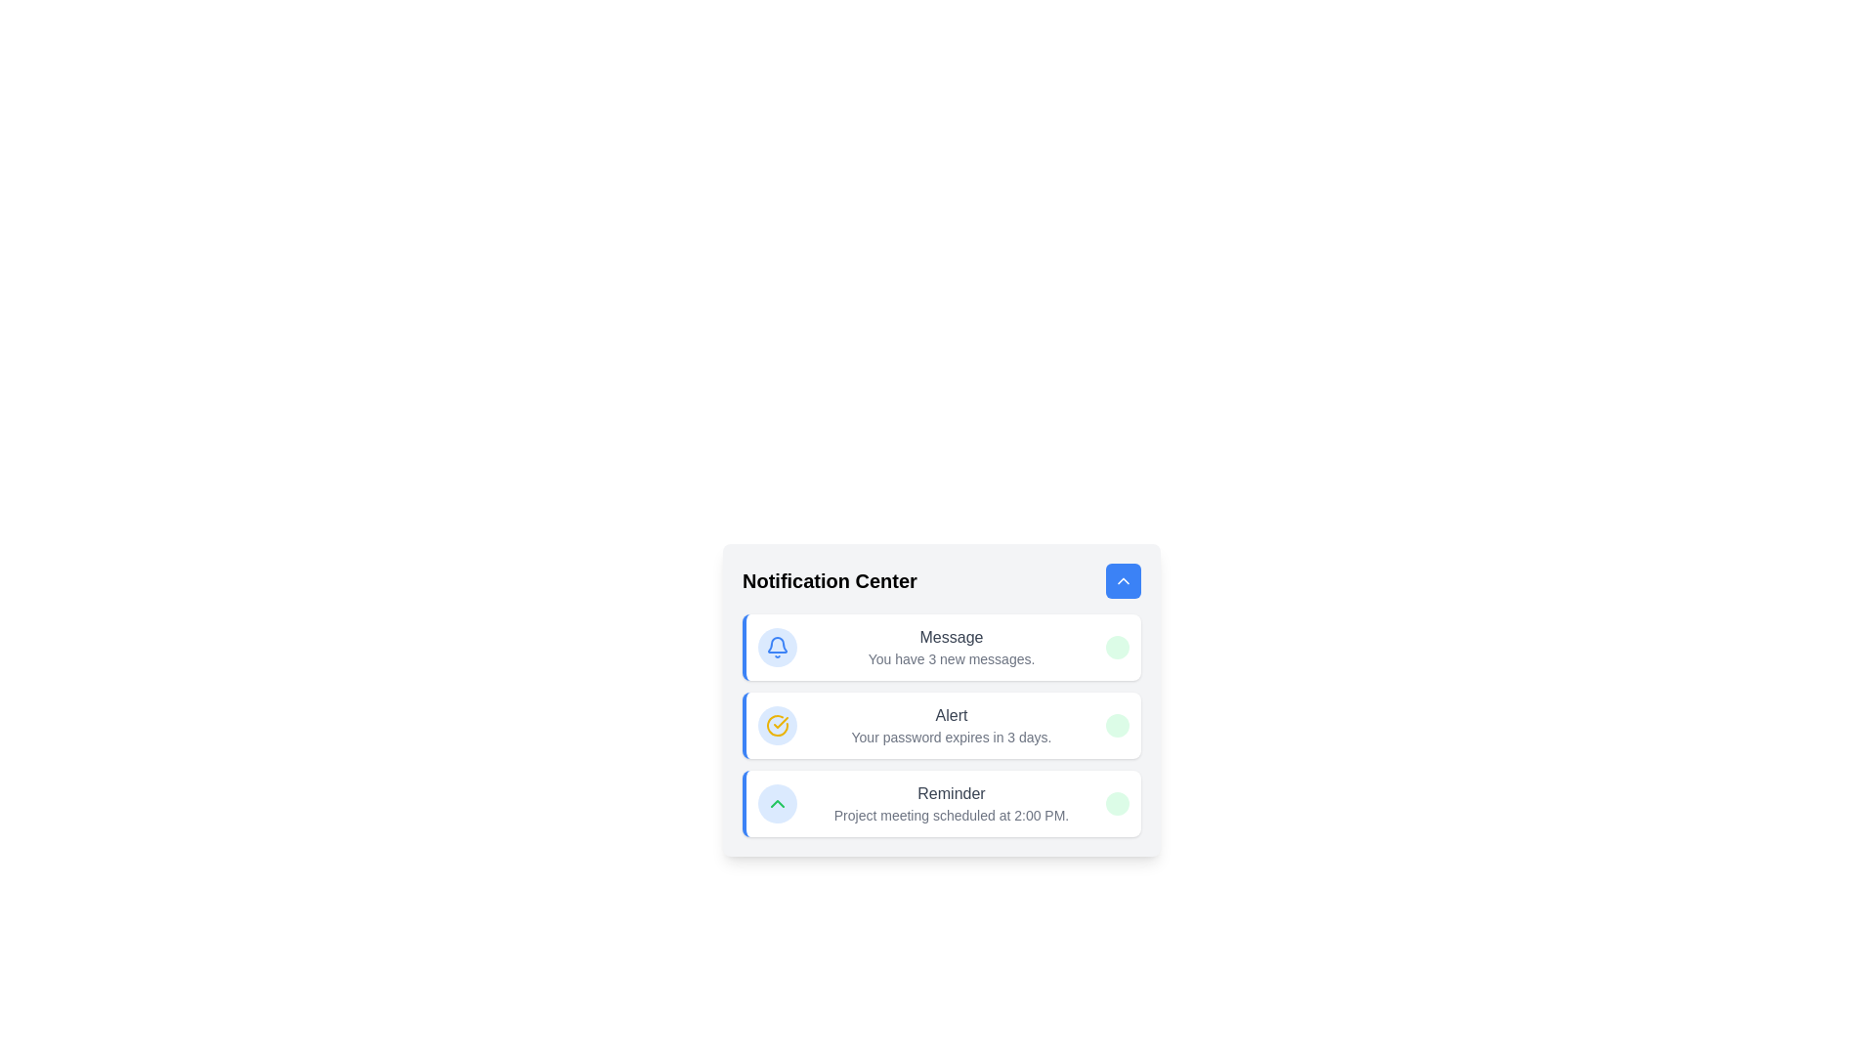 Image resolution: width=1876 pixels, height=1055 pixels. Describe the element at coordinates (777, 726) in the screenshot. I see `the second icon from the top in the list of notifications within the 'Notification Center' that indicates an alert regarding the message 'Your password expires in 3 days.'` at that location.